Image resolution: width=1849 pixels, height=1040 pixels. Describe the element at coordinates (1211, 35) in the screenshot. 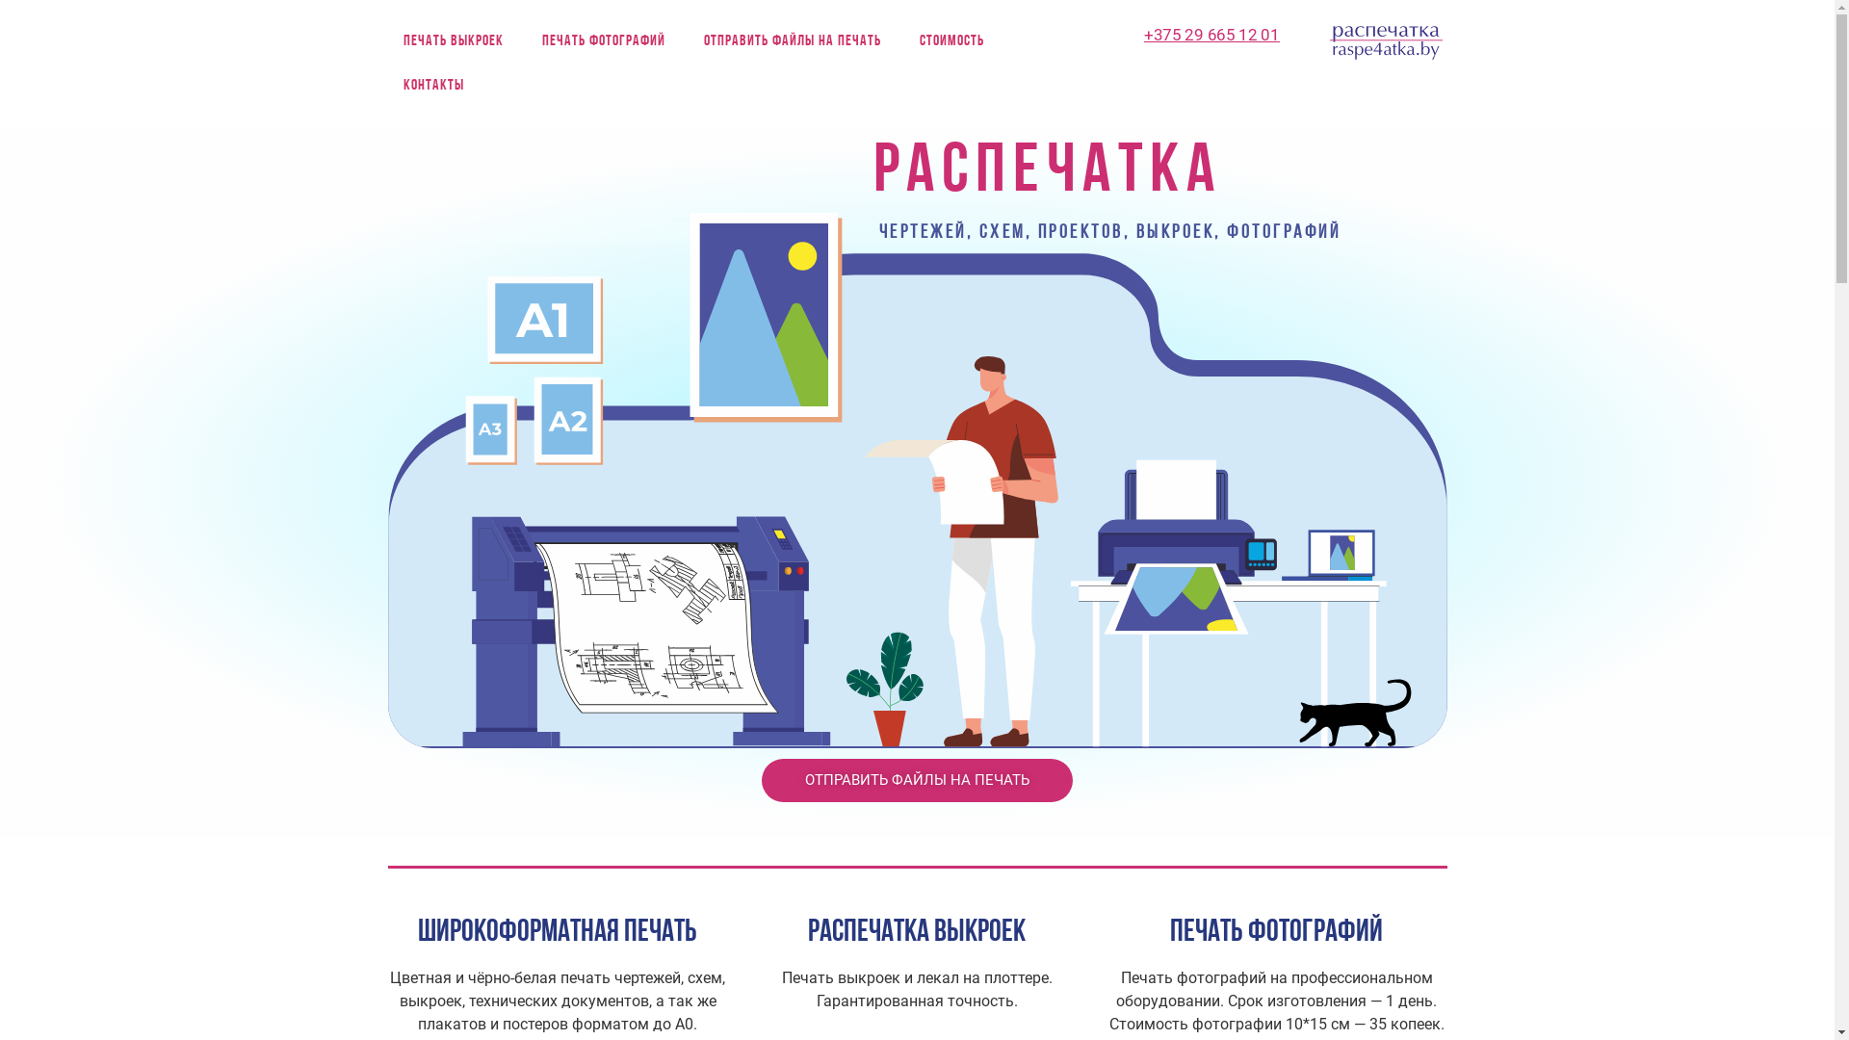

I see `'+375 29 665 12 01'` at that location.